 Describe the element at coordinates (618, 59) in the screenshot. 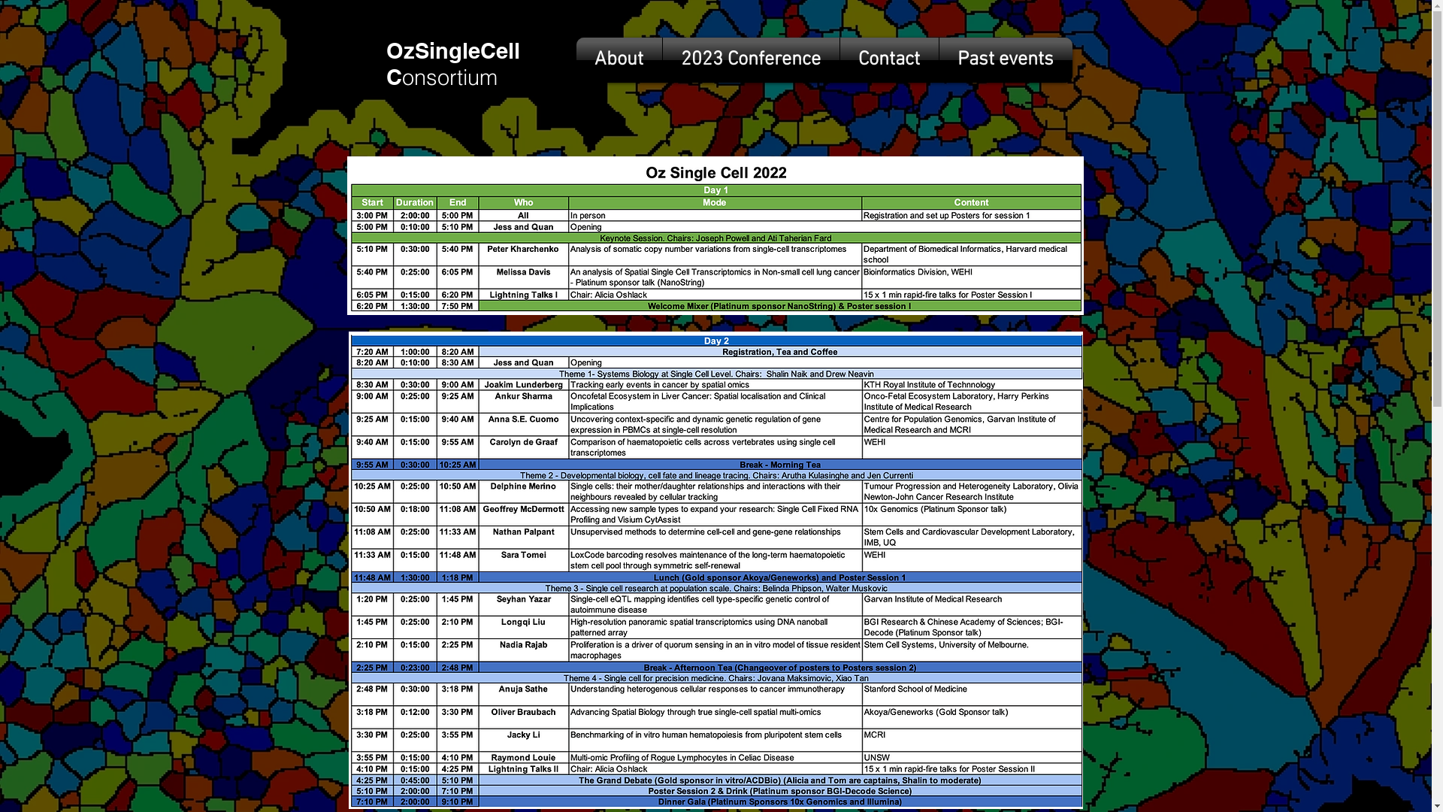

I see `'About'` at that location.